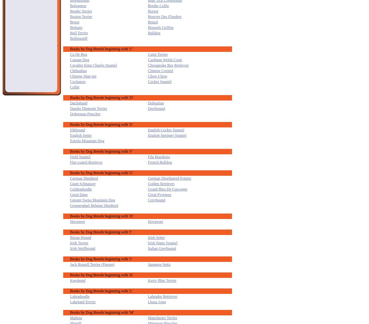  Describe the element at coordinates (85, 113) in the screenshot. I see `'Doberman Pinscher'` at that location.